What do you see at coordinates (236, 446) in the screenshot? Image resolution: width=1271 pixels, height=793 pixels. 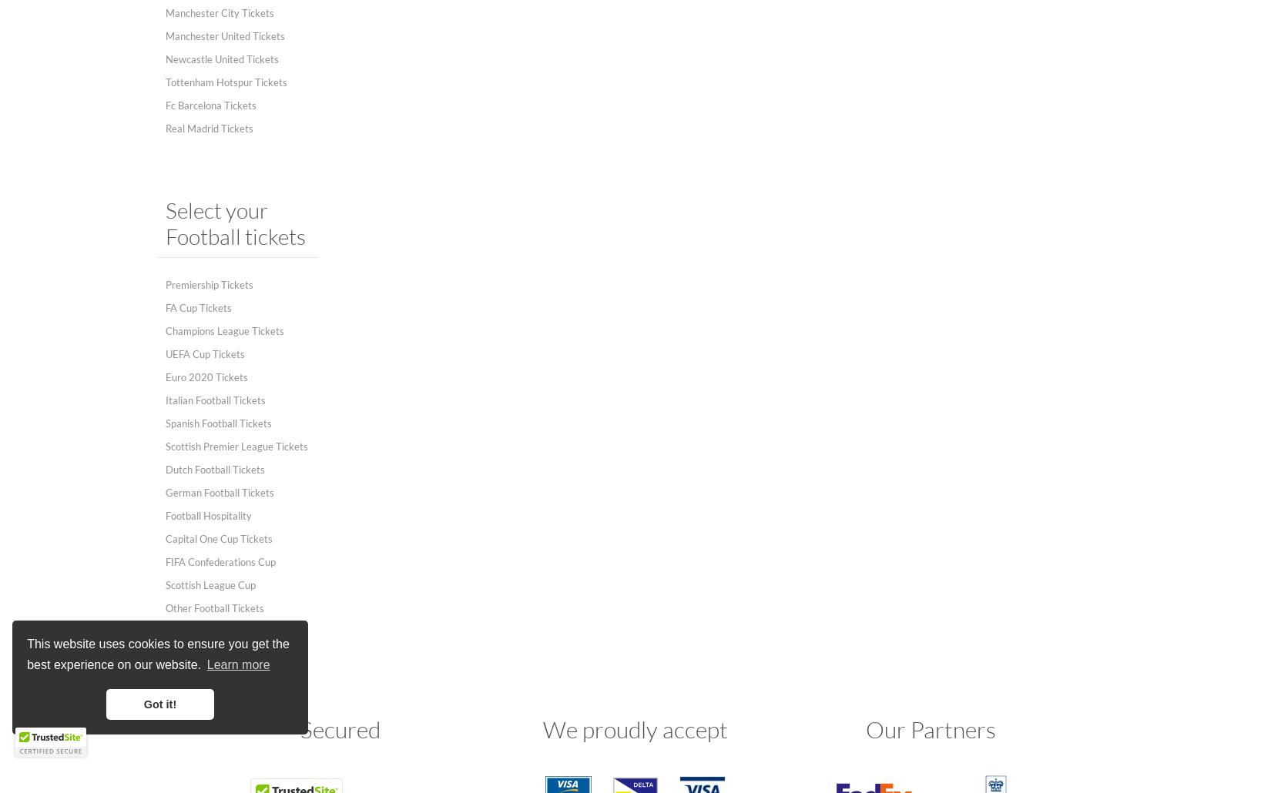 I see `'Scottish Premier League Tickets'` at bounding box center [236, 446].